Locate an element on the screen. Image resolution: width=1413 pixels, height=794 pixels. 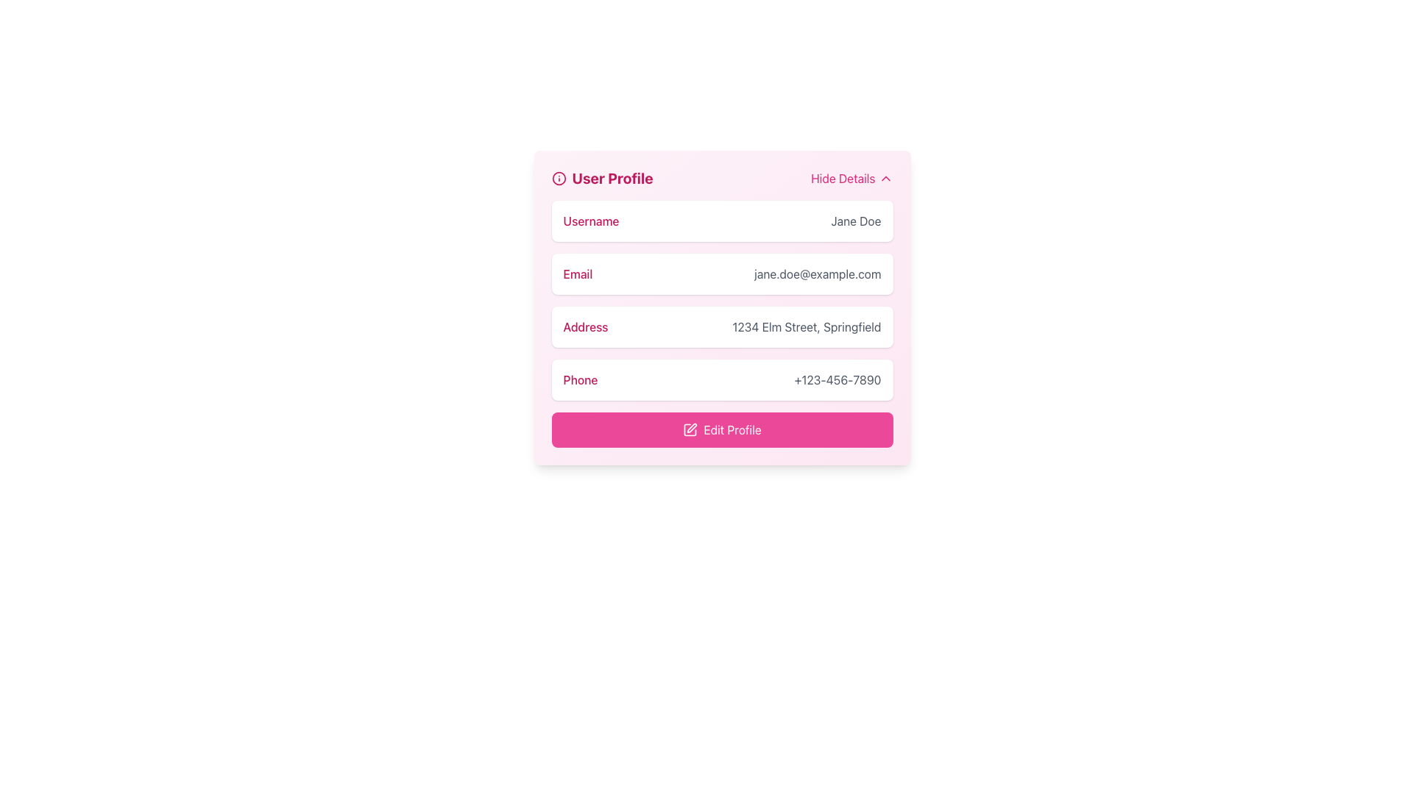
the pink icon embedded in the 'Edit Profile' button located at the bottom of the 'User Profile' section card is located at coordinates (690, 430).